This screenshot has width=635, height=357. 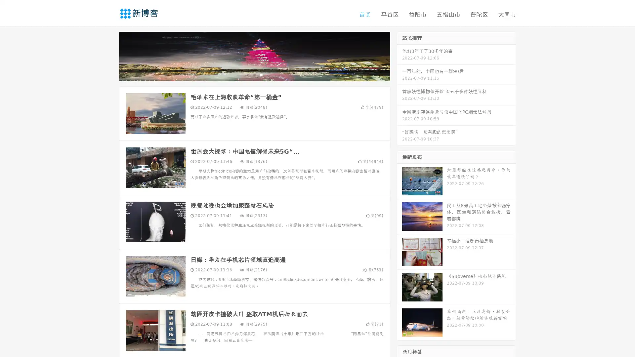 I want to click on Next slide, so click(x=400, y=56).